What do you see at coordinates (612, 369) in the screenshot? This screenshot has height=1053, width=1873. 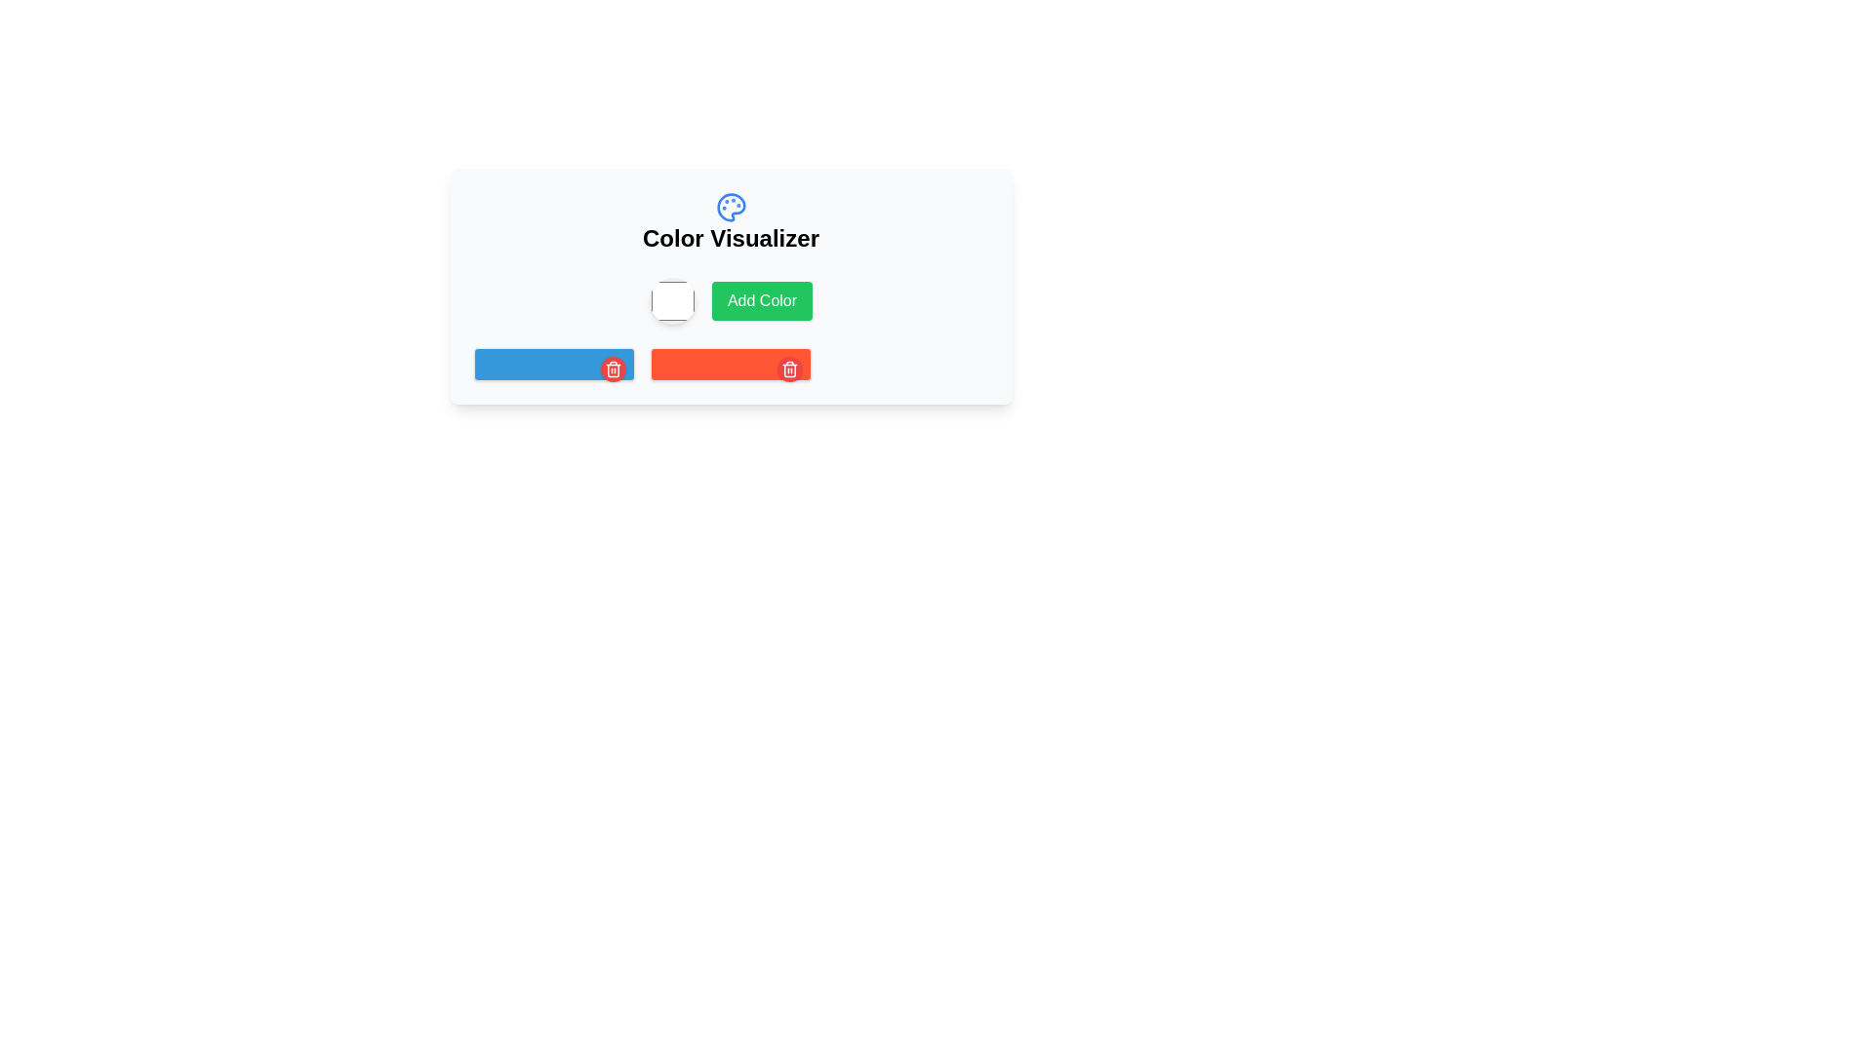 I see `the small circular delete button with a red background and a white trash can icon located at the top-right corner of the blue rectangular bar` at bounding box center [612, 369].